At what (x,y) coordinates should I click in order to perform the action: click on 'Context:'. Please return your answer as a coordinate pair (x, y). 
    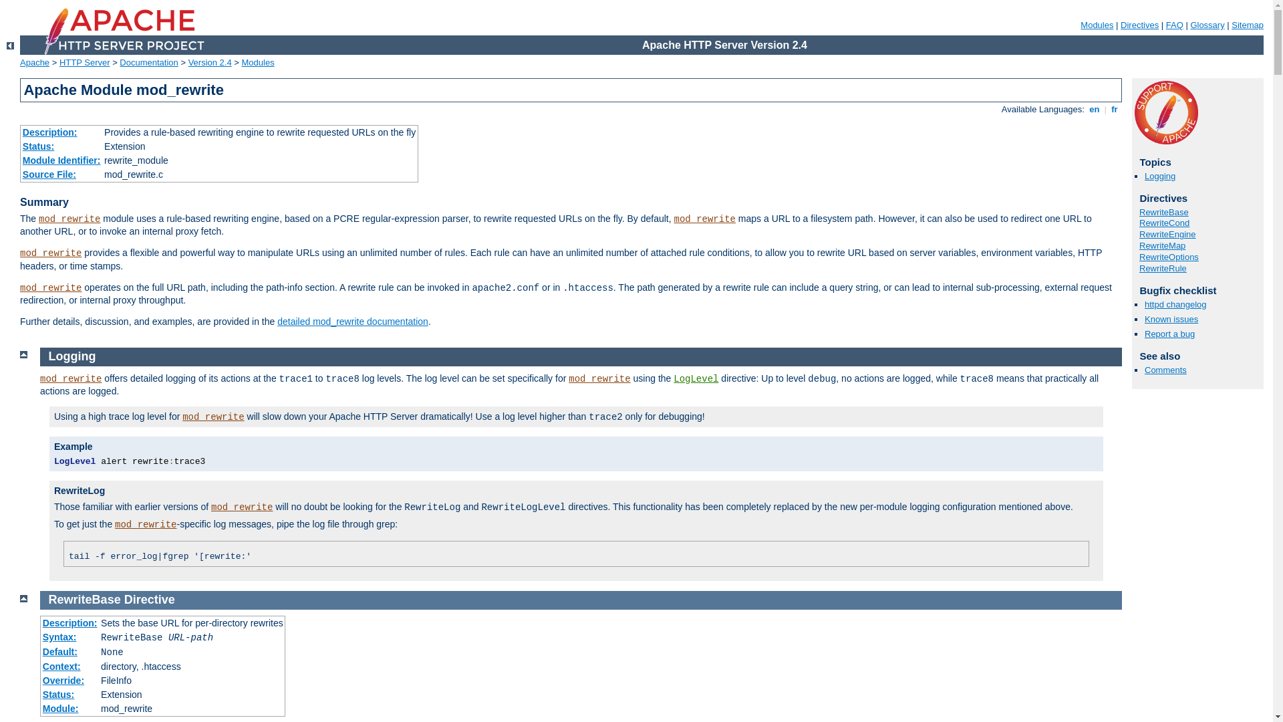
    Looking at the image, I should click on (61, 666).